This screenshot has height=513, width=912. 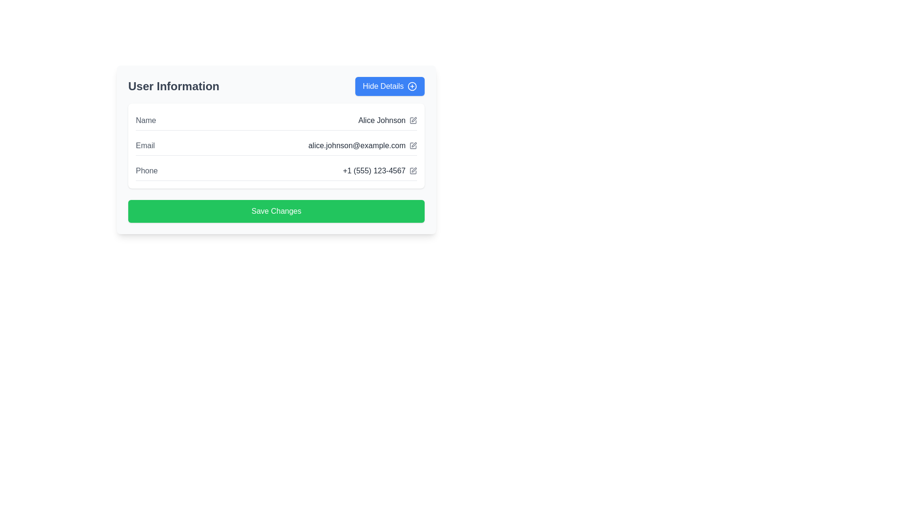 I want to click on the 'Name' text label, which is a medium gray-colored label positioned to the left of 'Alice Johnson' in the user information section, so click(x=145, y=120).